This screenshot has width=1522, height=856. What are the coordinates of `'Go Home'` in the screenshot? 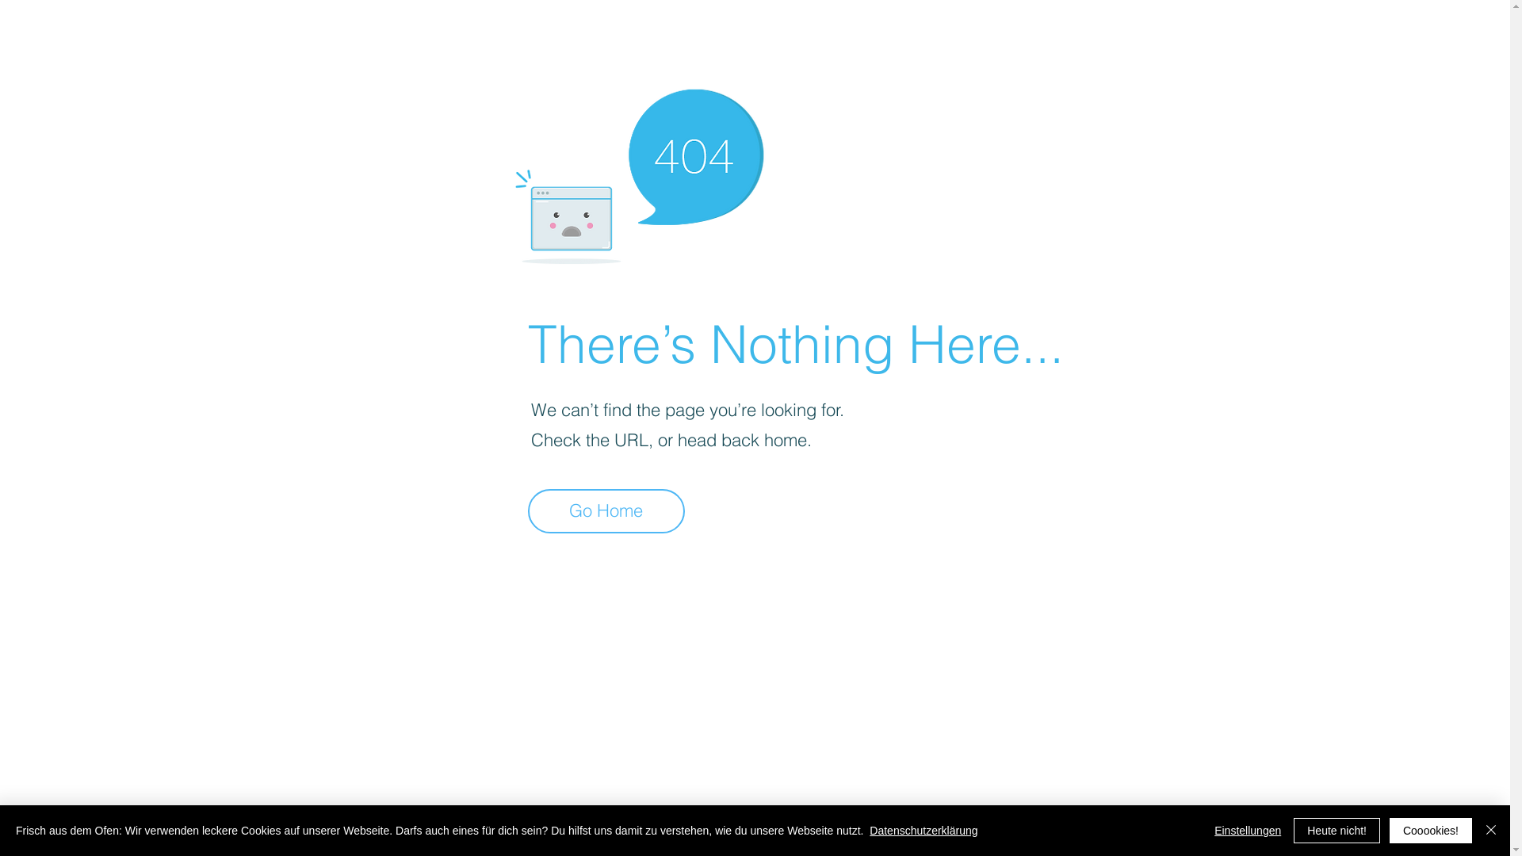 It's located at (605, 510).